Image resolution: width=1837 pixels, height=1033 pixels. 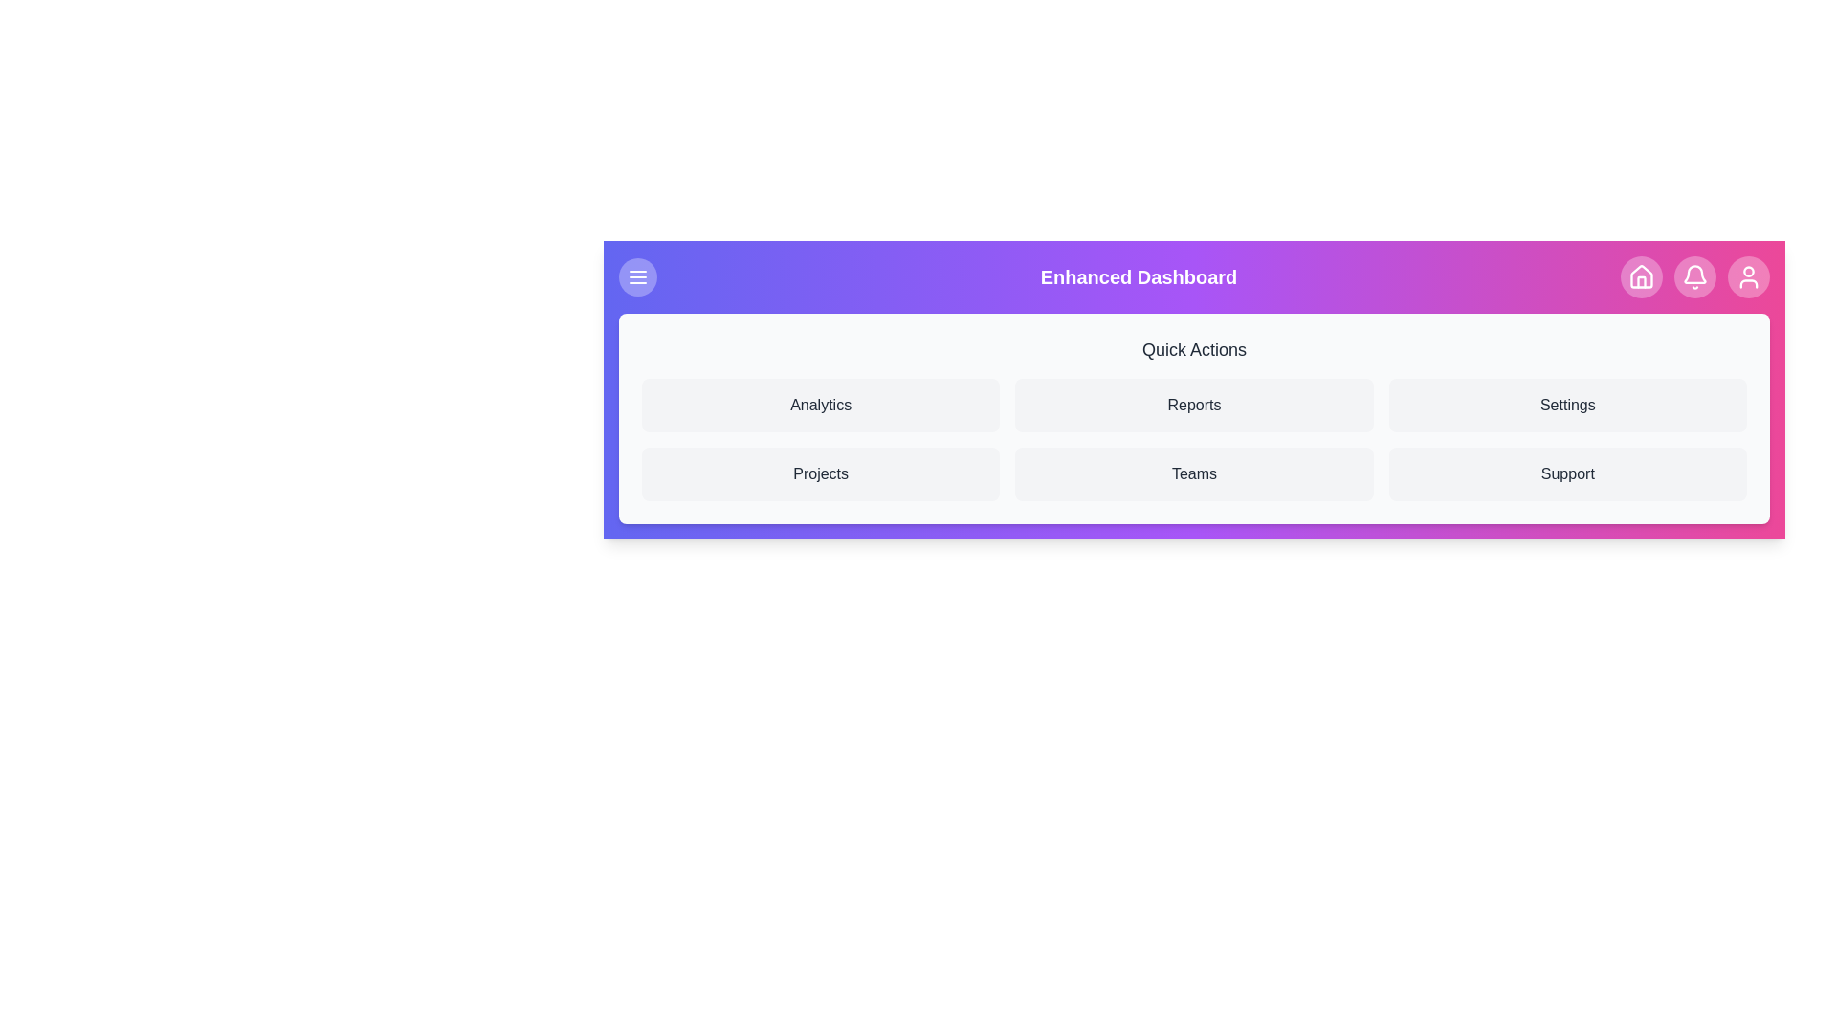 I want to click on the 'Home' button in the navigation bar, so click(x=1640, y=276).